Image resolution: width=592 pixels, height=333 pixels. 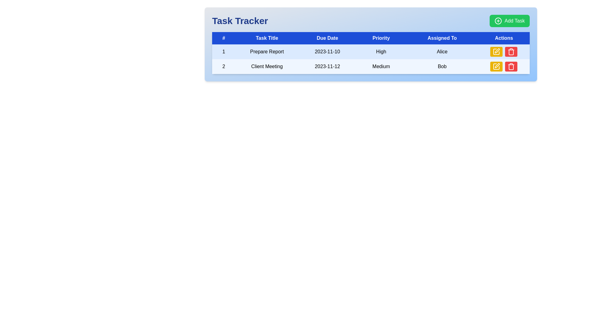 What do you see at coordinates (381, 67) in the screenshot?
I see `the text label displaying 'Medium' in the 'Priority' column of the second row in the 'Task Tracker' table, which has a blue and white striped background` at bounding box center [381, 67].